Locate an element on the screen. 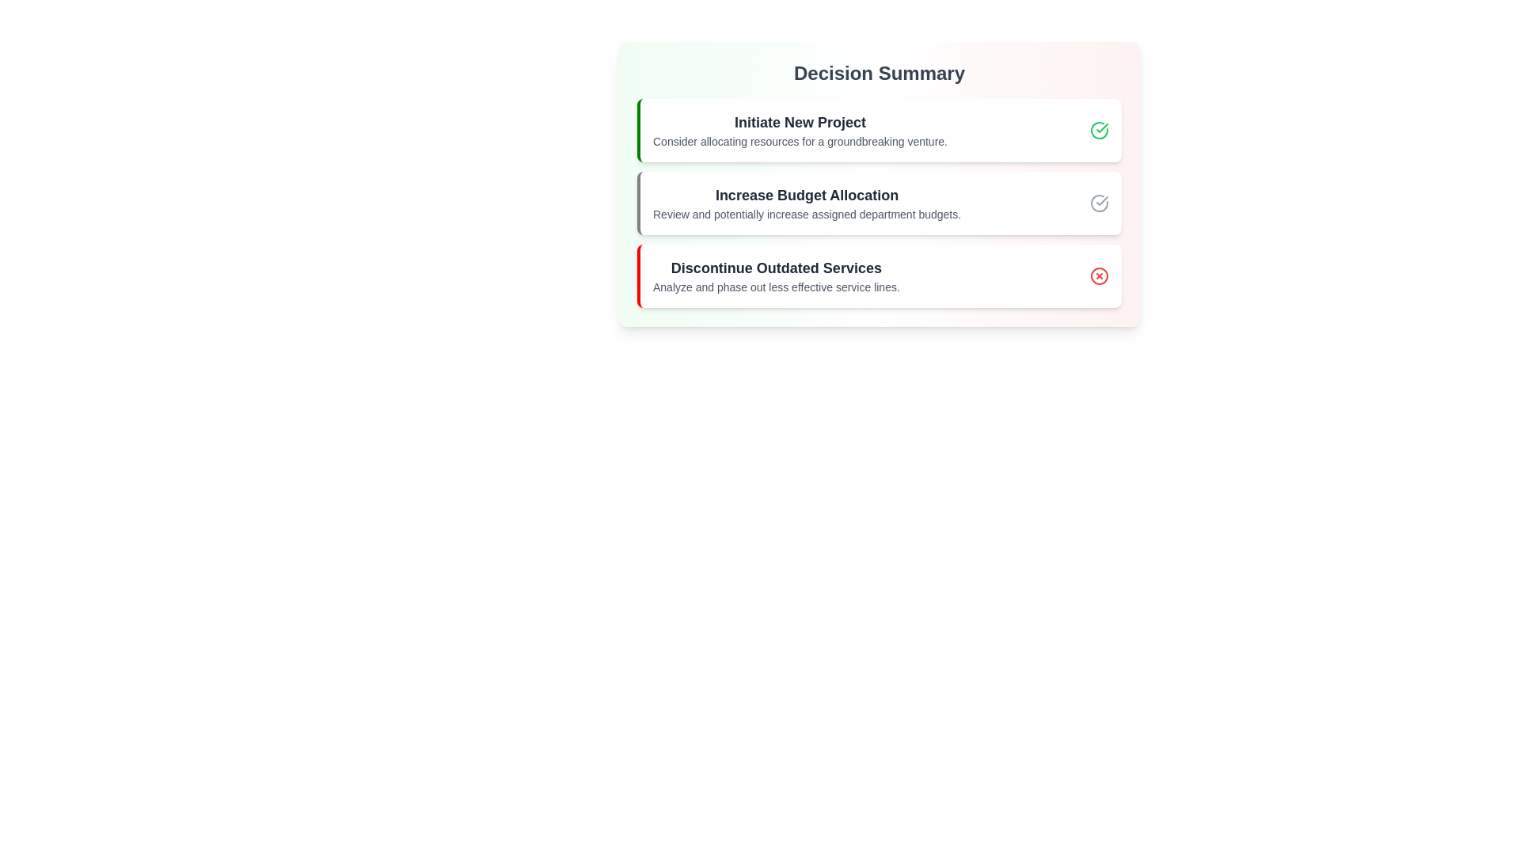  the status indicator for Increase Budget Allocation is located at coordinates (1098, 203).